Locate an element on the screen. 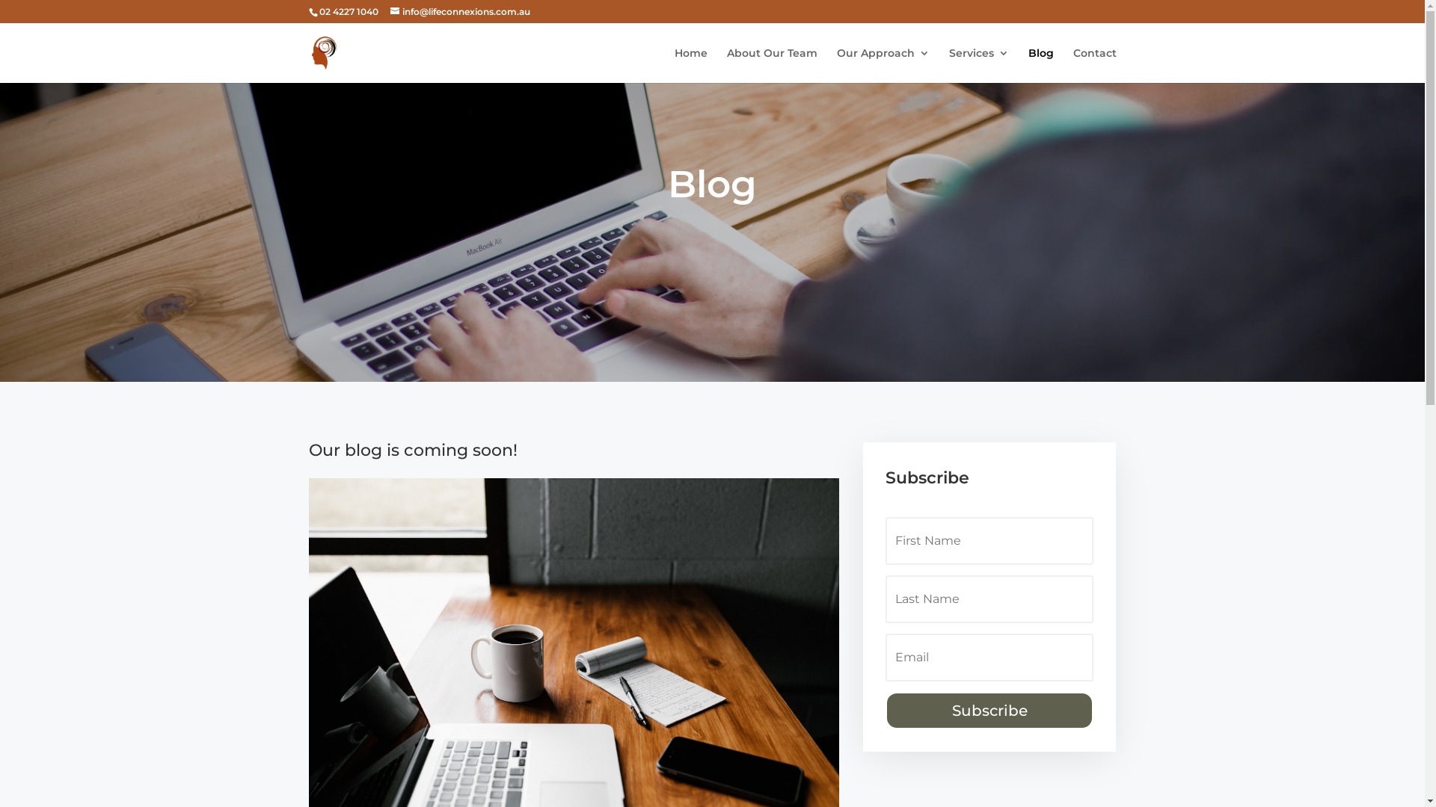  'Our Approach' is located at coordinates (883, 64).